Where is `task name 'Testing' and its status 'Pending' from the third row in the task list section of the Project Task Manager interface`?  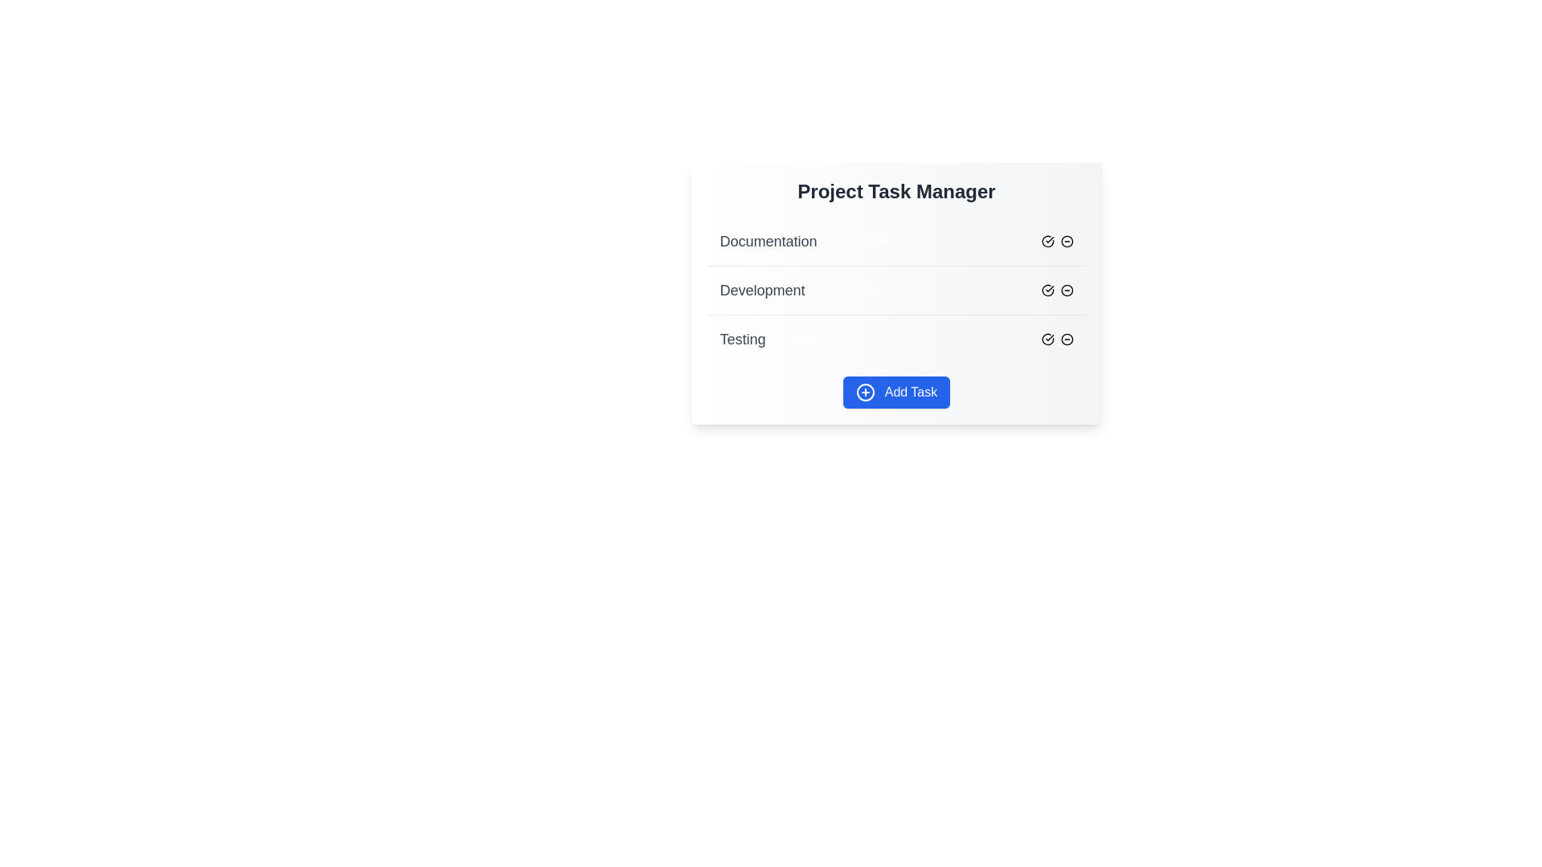 task name 'Testing' and its status 'Pending' from the third row in the task list section of the Project Task Manager interface is located at coordinates (895, 339).